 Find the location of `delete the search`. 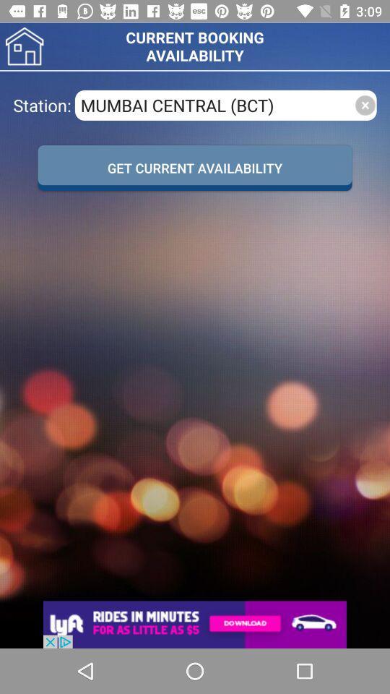

delete the search is located at coordinates (364, 104).